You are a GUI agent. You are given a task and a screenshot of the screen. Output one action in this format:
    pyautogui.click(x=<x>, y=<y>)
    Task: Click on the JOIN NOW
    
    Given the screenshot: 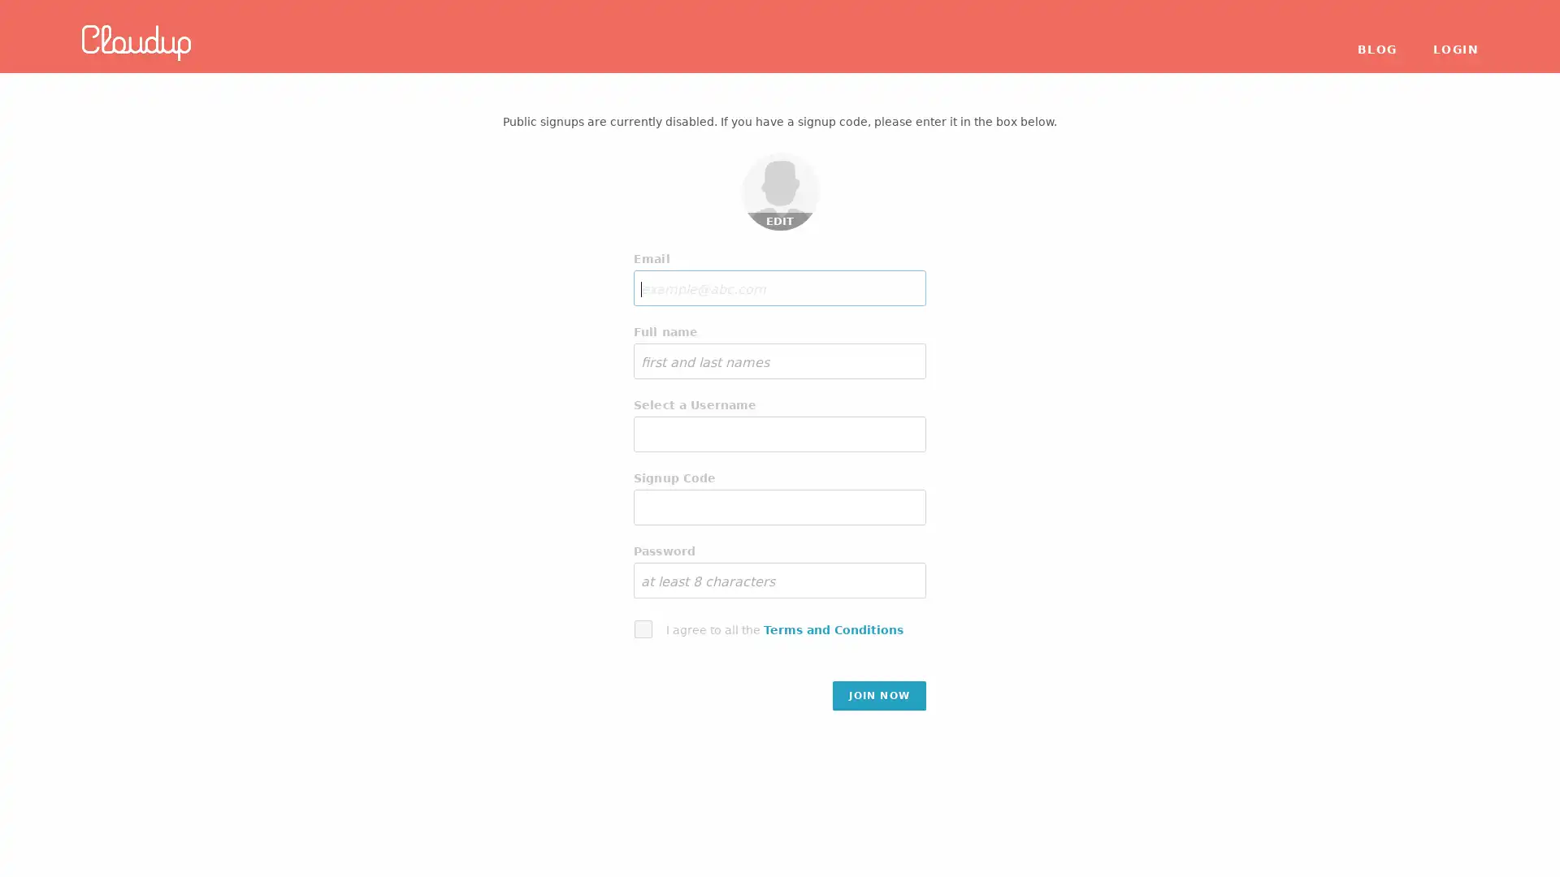 What is the action you would take?
    pyautogui.click(x=878, y=694)
    